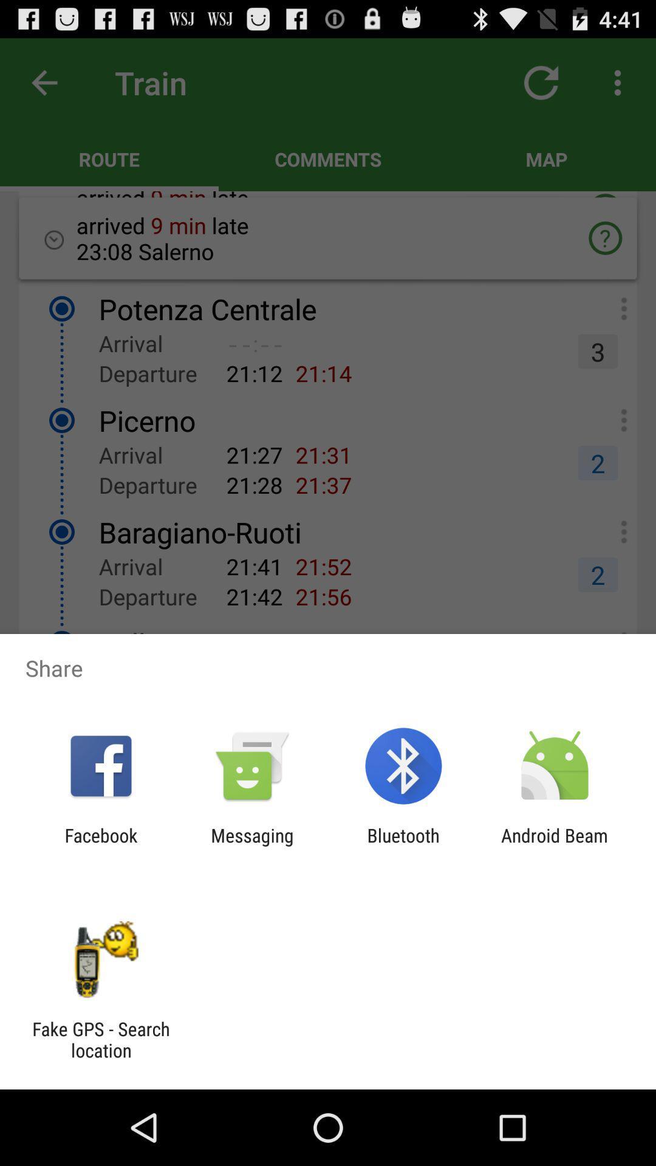  What do you see at coordinates (403, 845) in the screenshot?
I see `bluetooth` at bounding box center [403, 845].